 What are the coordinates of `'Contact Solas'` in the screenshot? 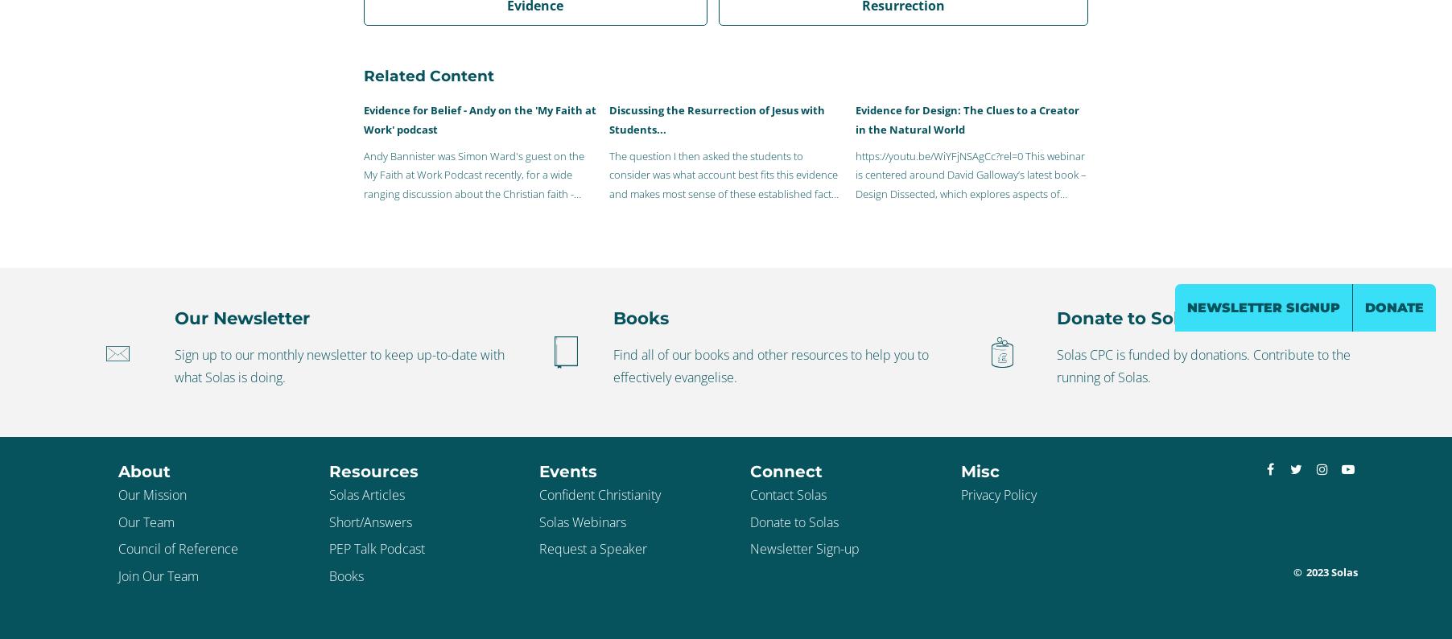 It's located at (787, 495).